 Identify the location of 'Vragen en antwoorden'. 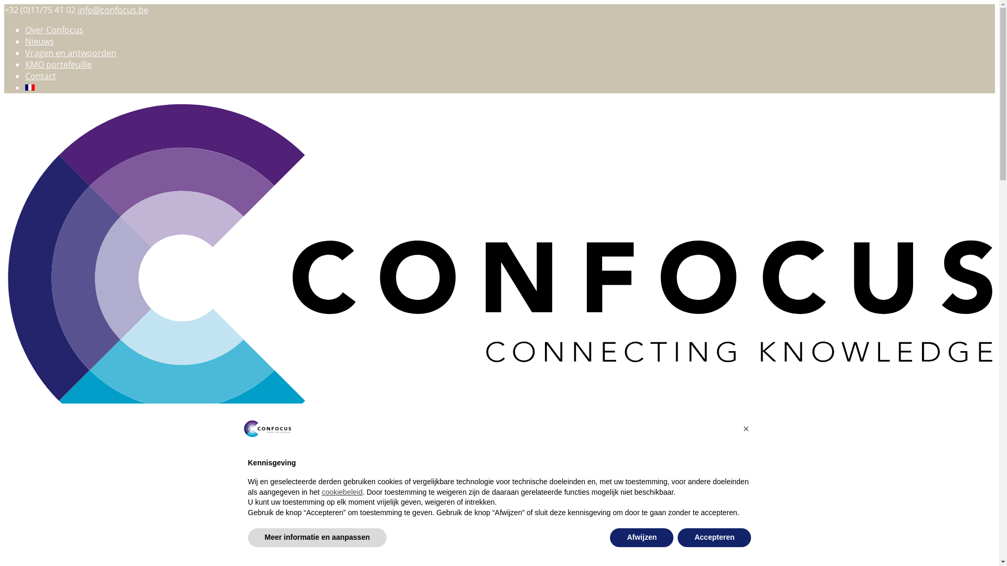
(70, 52).